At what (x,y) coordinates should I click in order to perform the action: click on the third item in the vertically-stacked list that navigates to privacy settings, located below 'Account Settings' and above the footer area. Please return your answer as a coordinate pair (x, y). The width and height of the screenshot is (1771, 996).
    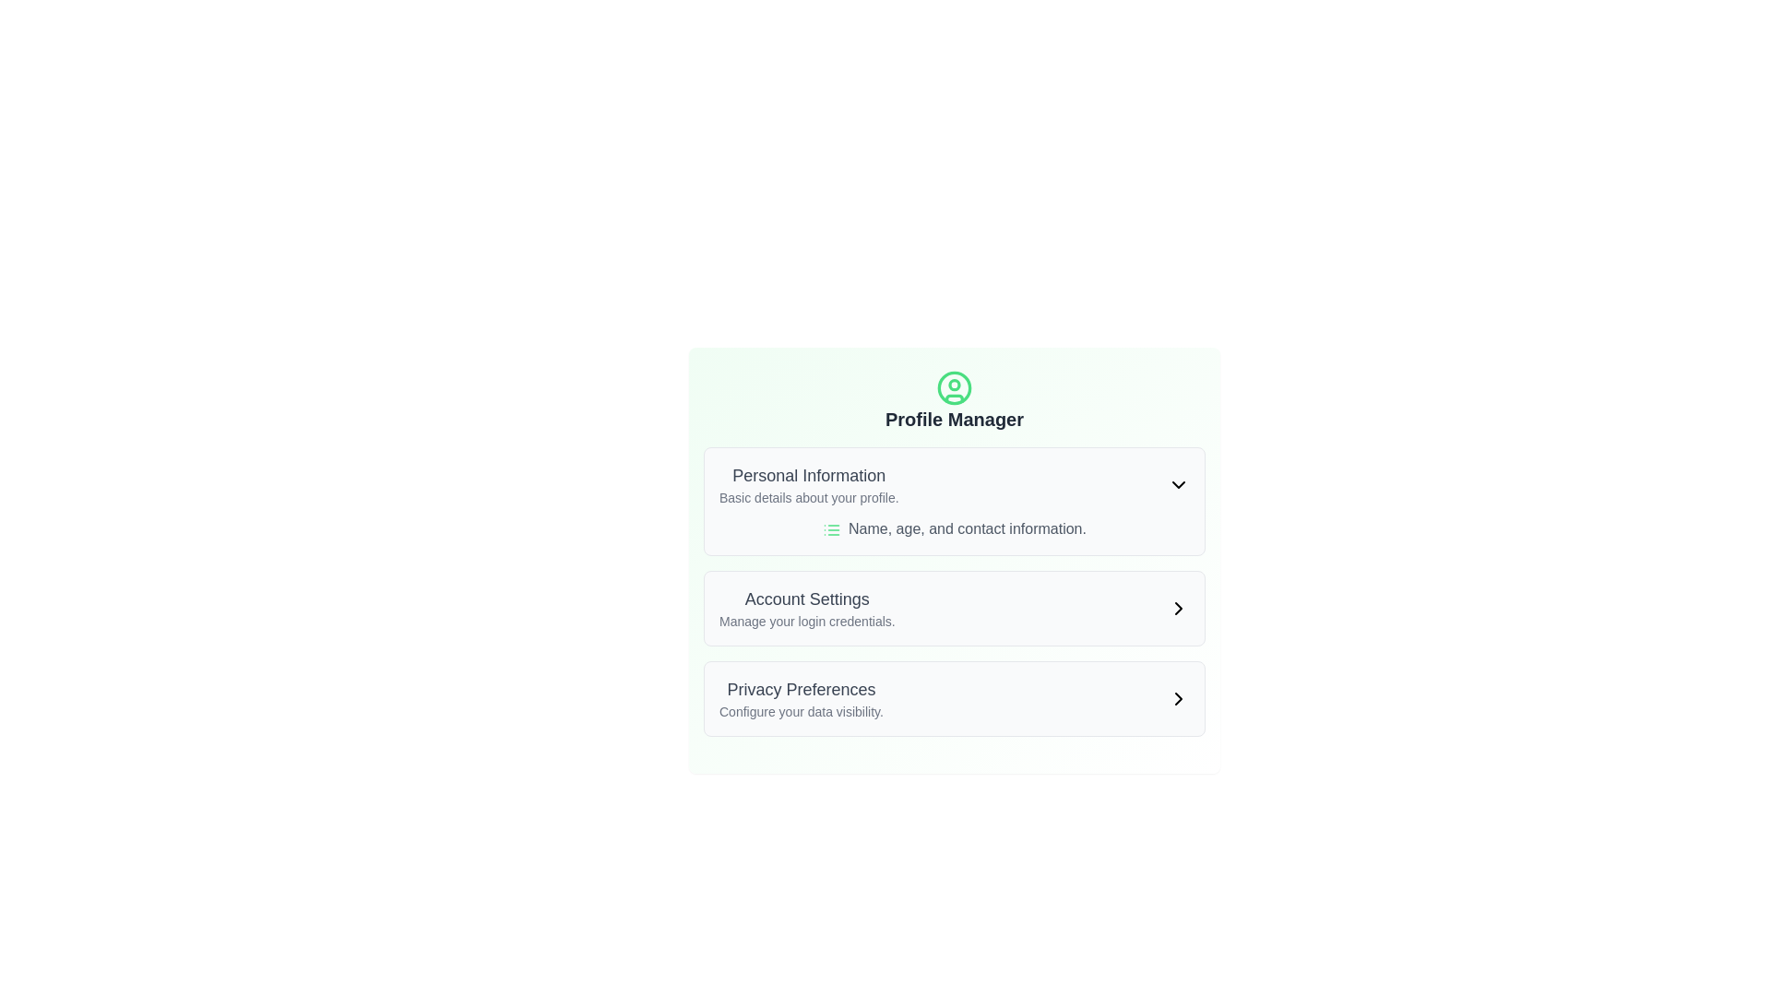
    Looking at the image, I should click on (955, 699).